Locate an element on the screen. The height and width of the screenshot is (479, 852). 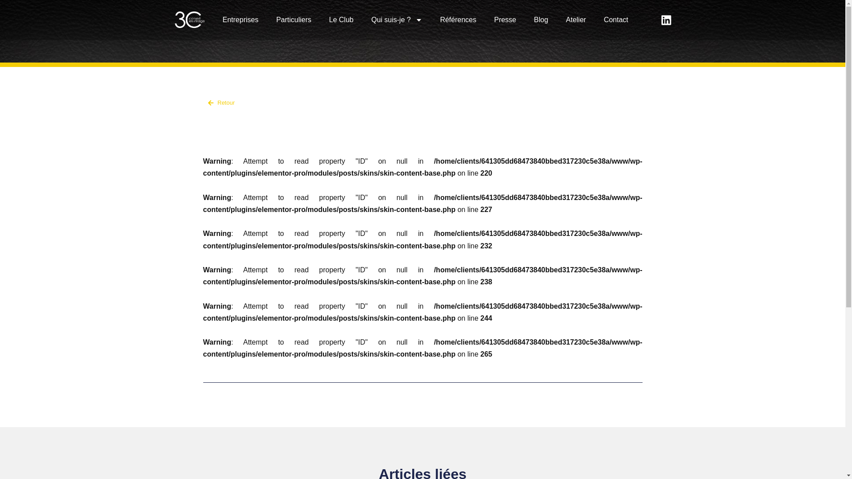
'Blog' is located at coordinates (540, 20).